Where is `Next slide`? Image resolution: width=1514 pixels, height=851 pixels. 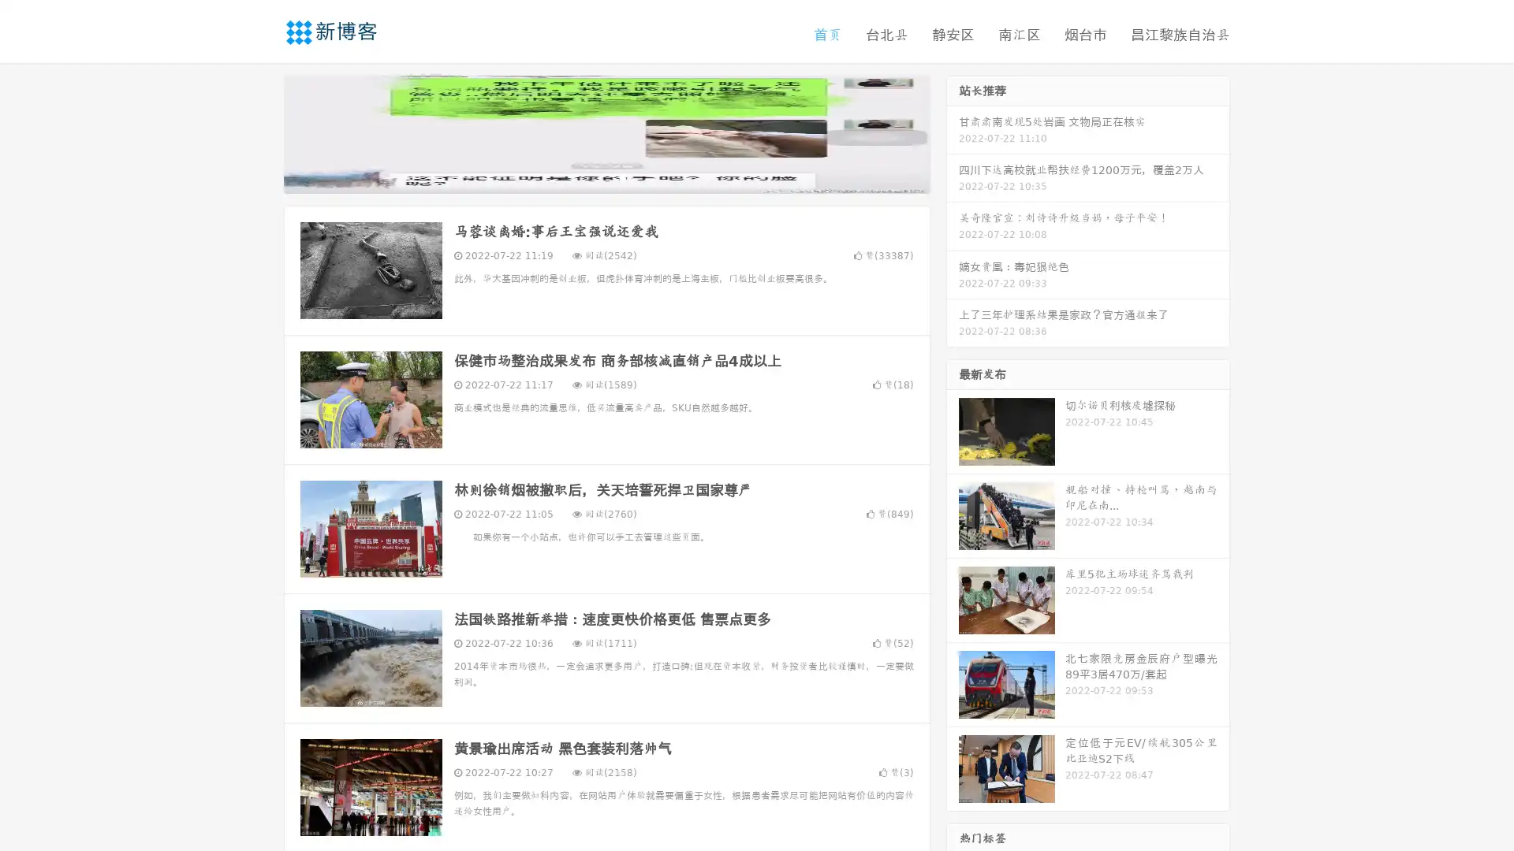
Next slide is located at coordinates (953, 132).